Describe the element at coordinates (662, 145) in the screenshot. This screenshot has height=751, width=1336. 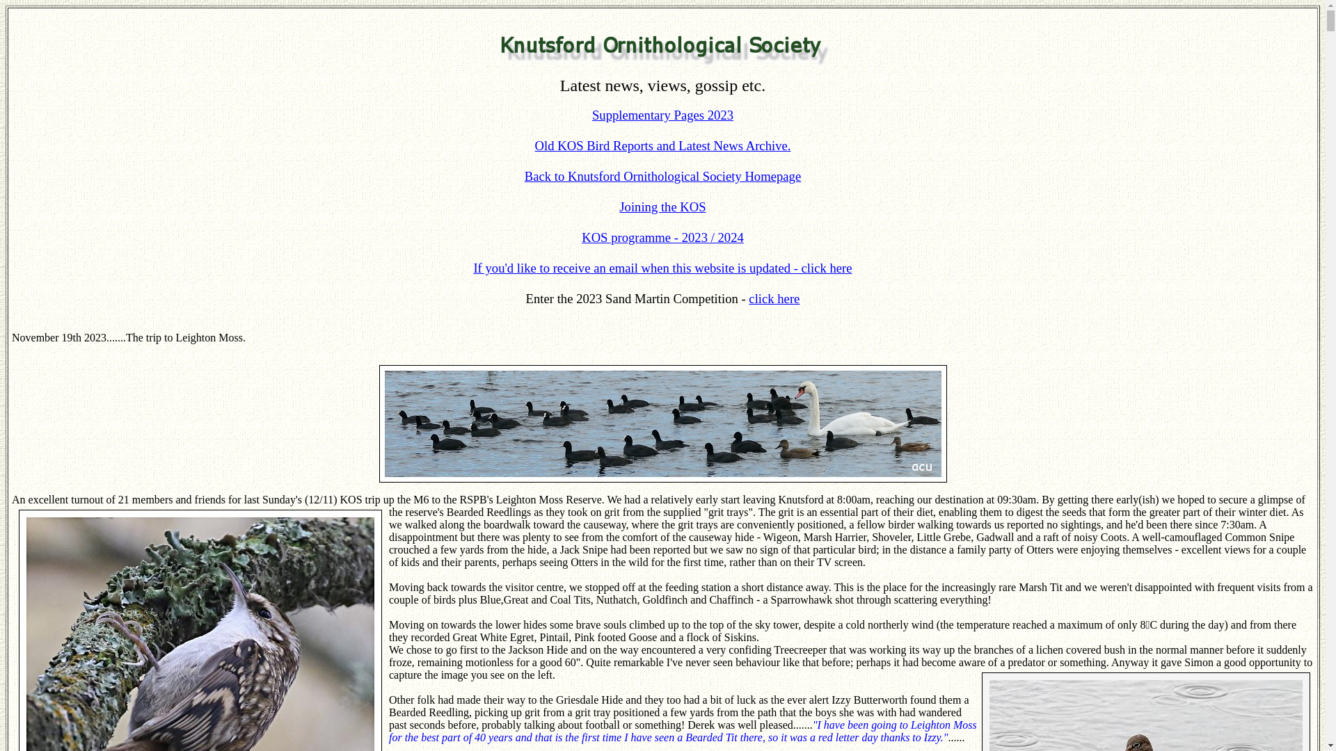
I see `'Old KOS Bird Reports and Latest News Archive.'` at that location.